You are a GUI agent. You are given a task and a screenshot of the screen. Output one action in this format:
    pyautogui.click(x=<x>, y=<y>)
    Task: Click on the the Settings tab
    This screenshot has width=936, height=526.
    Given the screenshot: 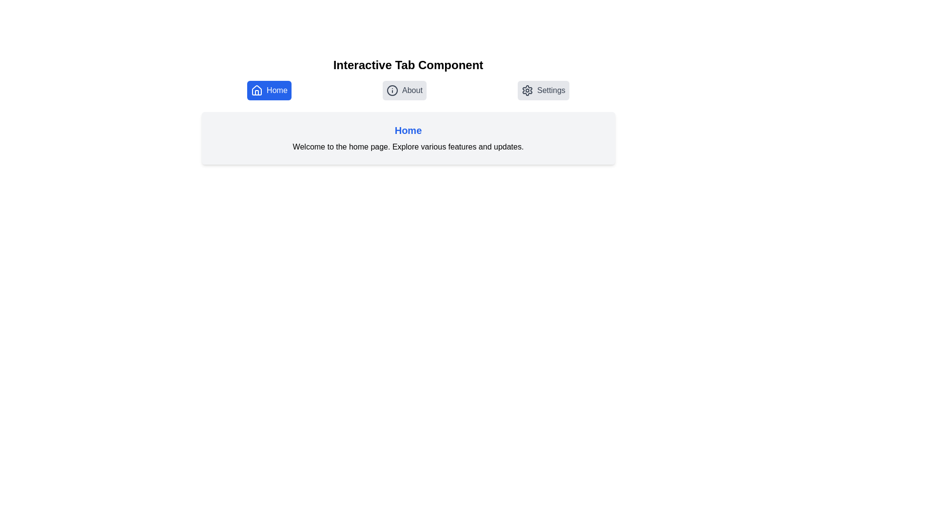 What is the action you would take?
    pyautogui.click(x=543, y=90)
    